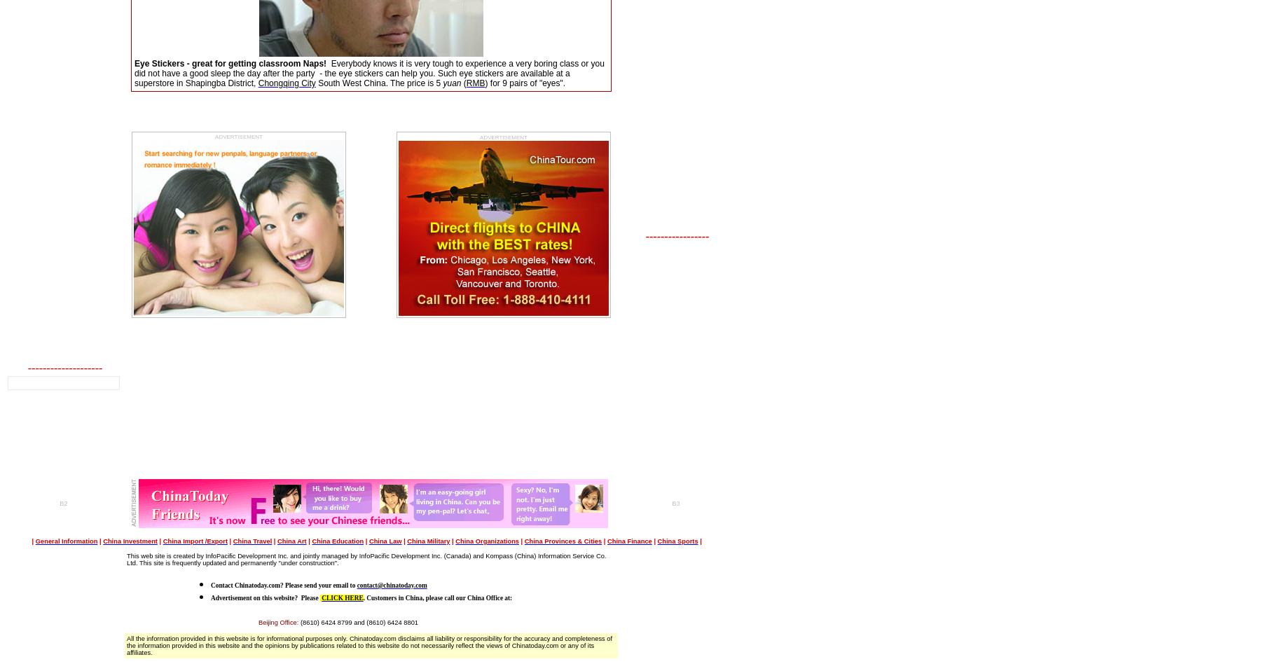 This screenshot has width=1261, height=664. I want to click on 'China Military', so click(428, 541).